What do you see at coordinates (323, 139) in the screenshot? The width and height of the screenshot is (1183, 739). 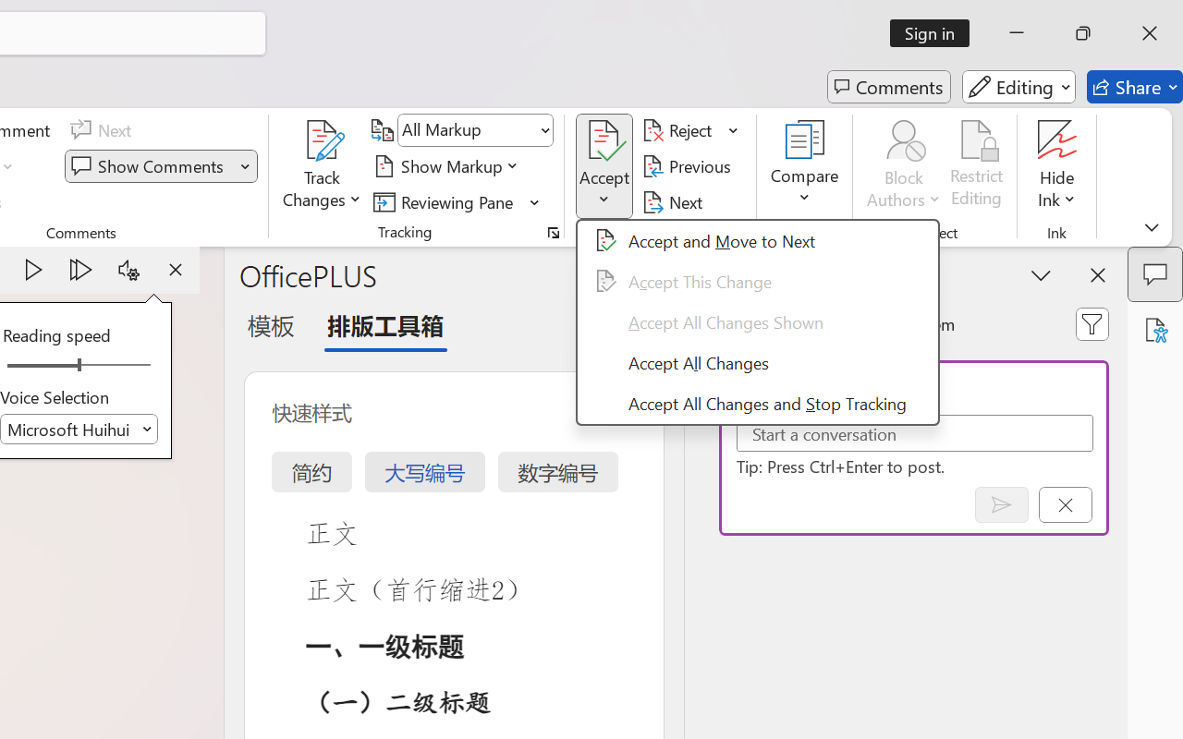 I see `'Track Changes'` at bounding box center [323, 139].